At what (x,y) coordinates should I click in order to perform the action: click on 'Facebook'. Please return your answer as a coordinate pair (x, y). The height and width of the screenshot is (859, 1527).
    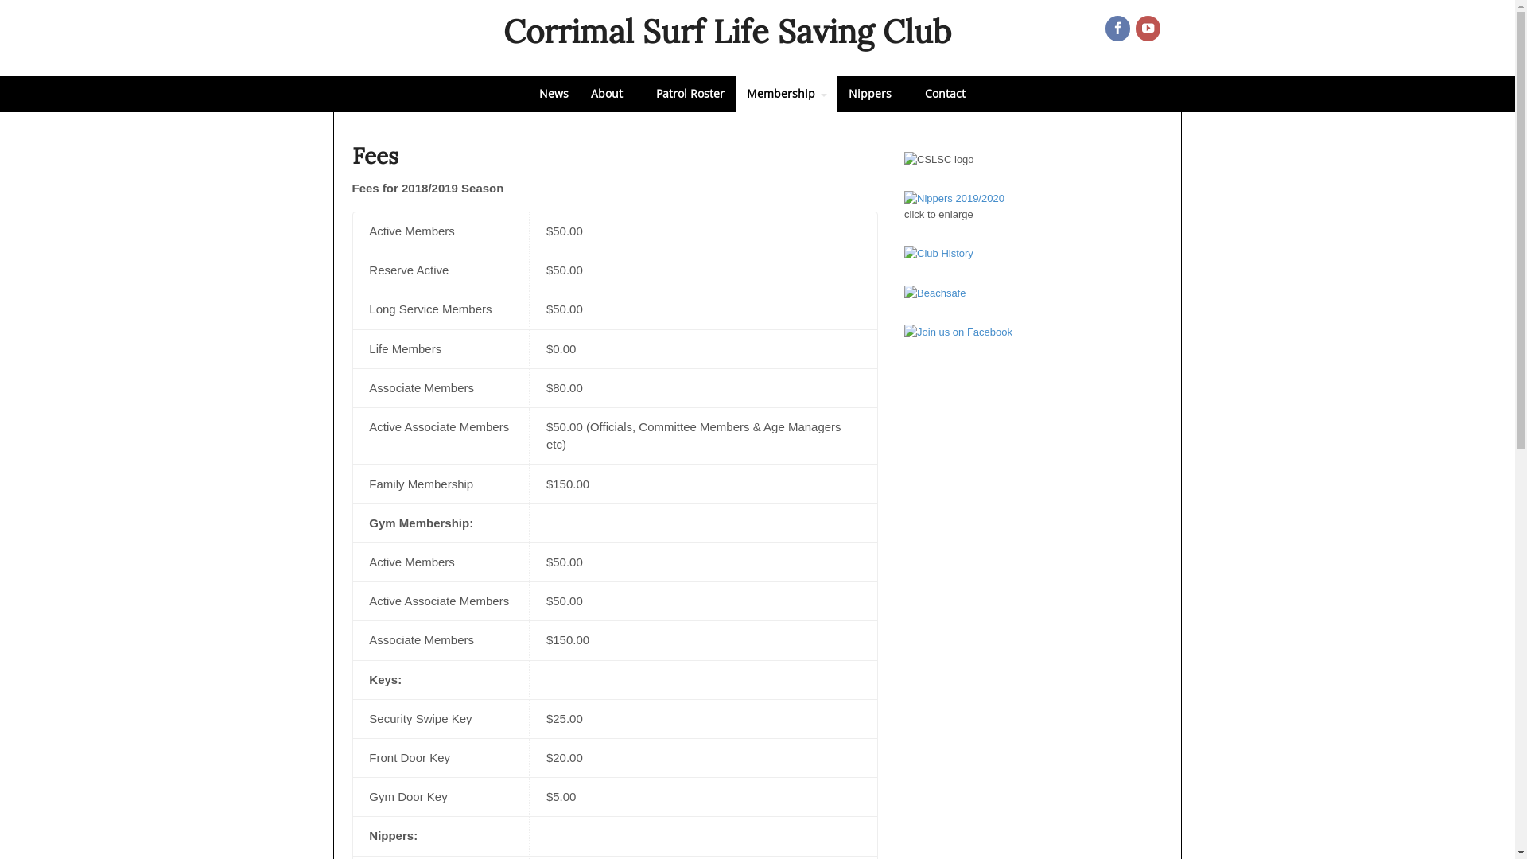
    Looking at the image, I should click on (1117, 29).